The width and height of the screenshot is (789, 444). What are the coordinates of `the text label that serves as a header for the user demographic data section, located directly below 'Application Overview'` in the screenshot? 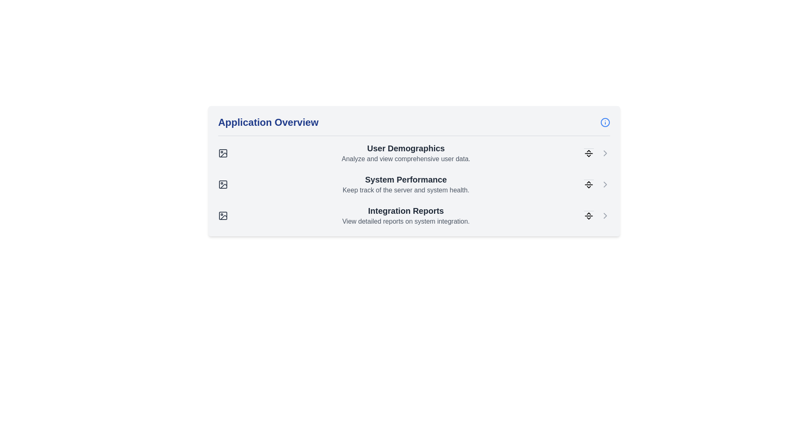 It's located at (406, 148).